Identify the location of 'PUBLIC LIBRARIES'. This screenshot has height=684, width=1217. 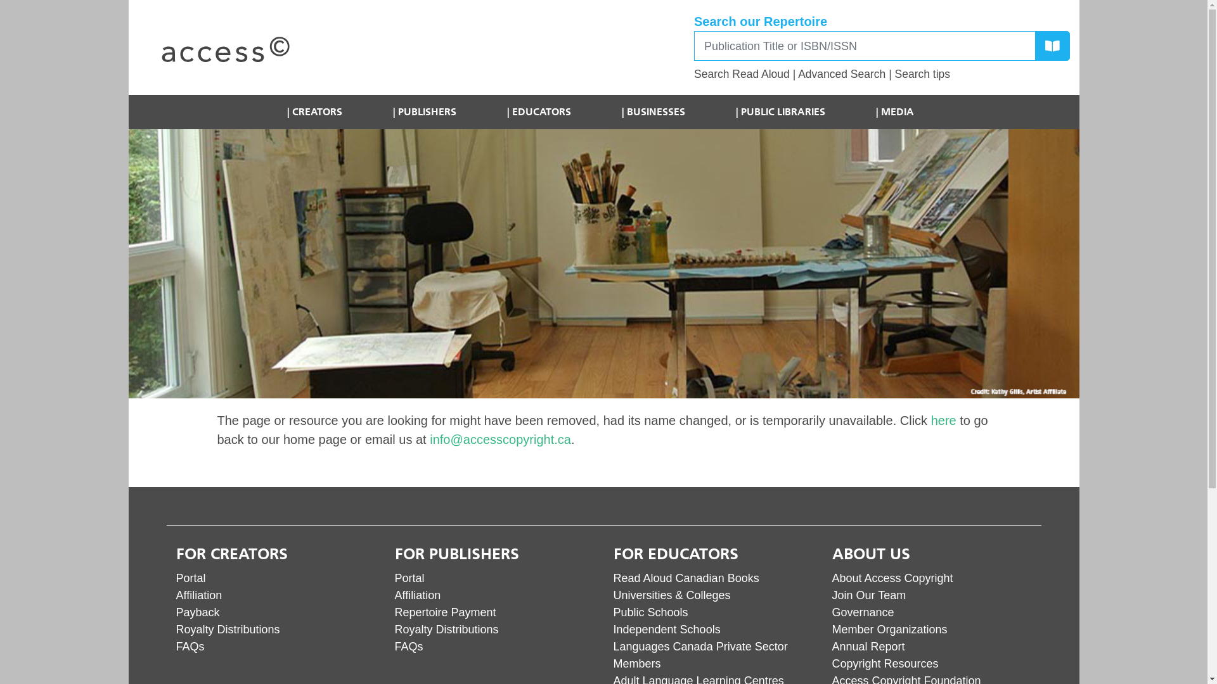
(780, 111).